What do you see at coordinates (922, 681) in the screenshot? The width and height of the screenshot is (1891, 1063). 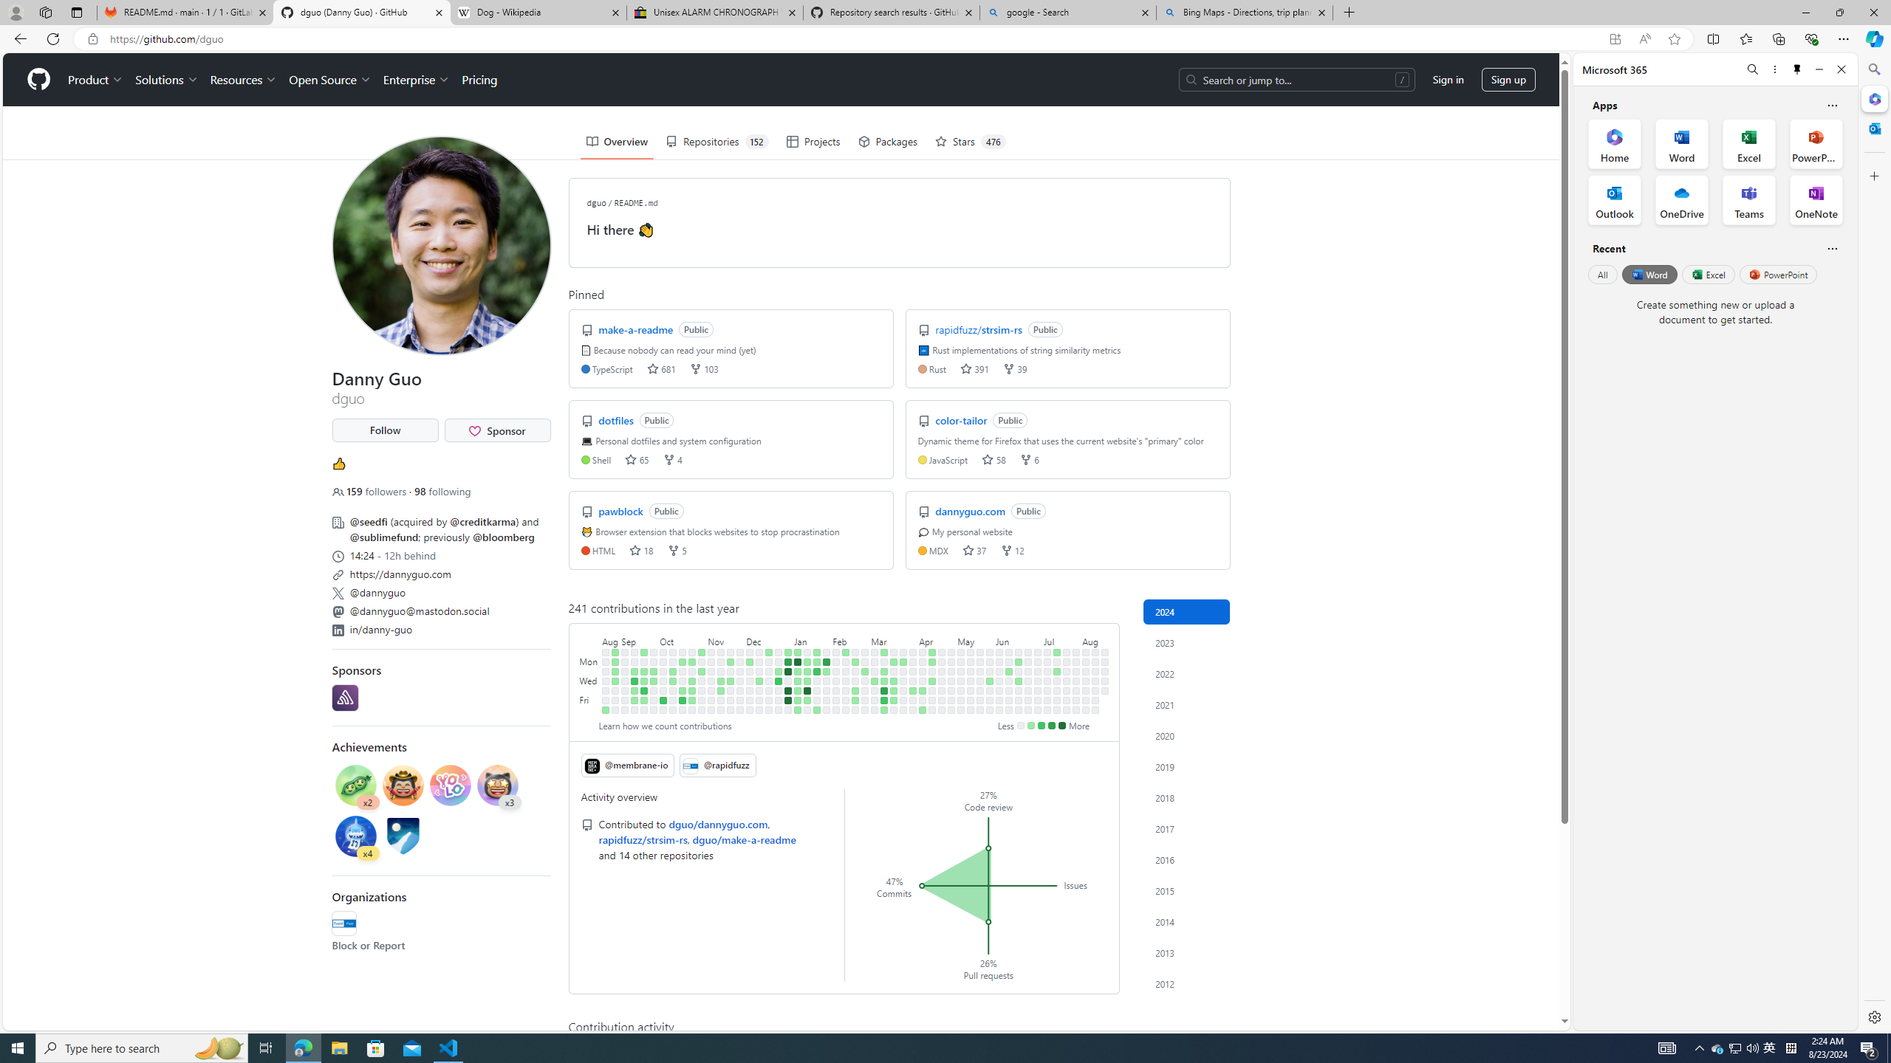 I see `'No contributions on April 10th.'` at bounding box center [922, 681].